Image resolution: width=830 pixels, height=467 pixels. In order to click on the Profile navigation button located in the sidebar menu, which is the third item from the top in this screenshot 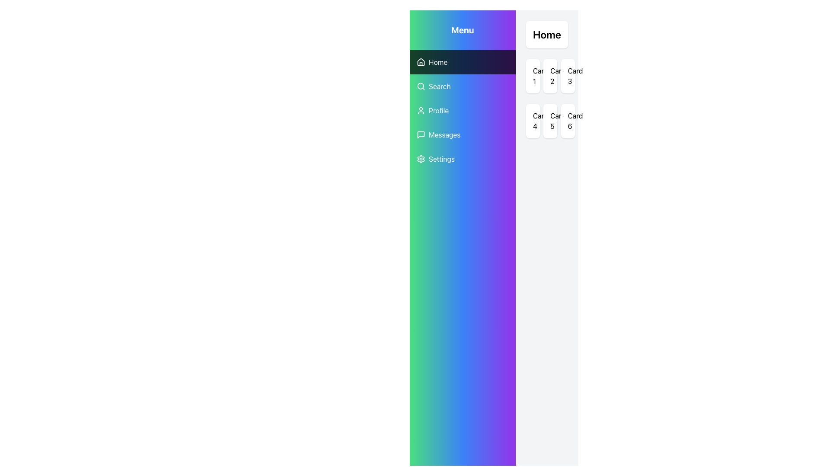, I will do `click(462, 110)`.